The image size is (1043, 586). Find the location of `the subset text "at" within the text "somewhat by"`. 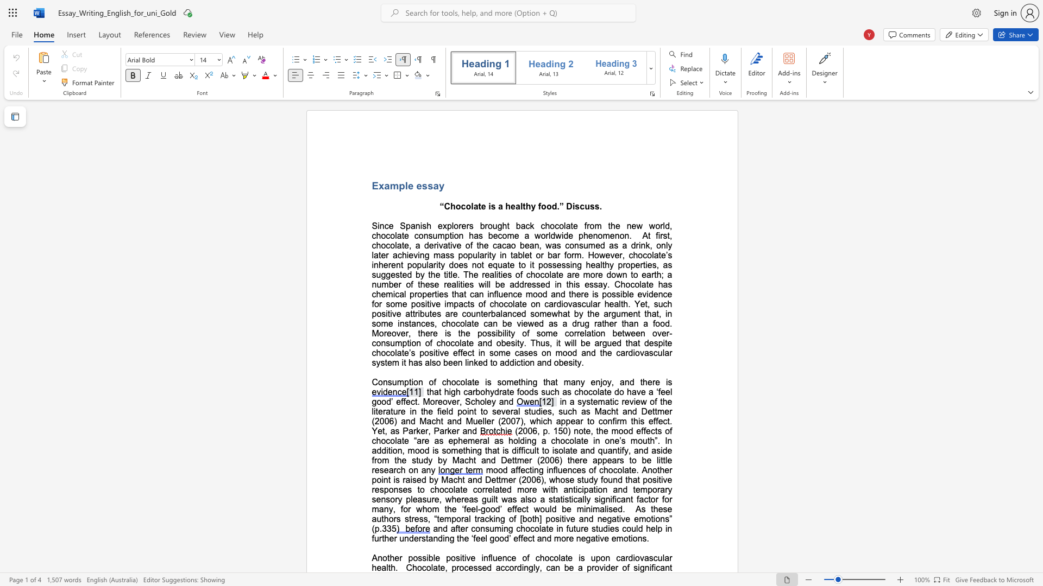

the subset text "at" within the text "somewhat by" is located at coordinates (562, 314).